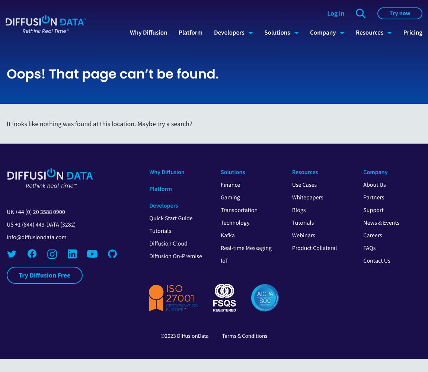 This screenshot has width=428, height=372. I want to click on 'Whitepapers', so click(307, 198).